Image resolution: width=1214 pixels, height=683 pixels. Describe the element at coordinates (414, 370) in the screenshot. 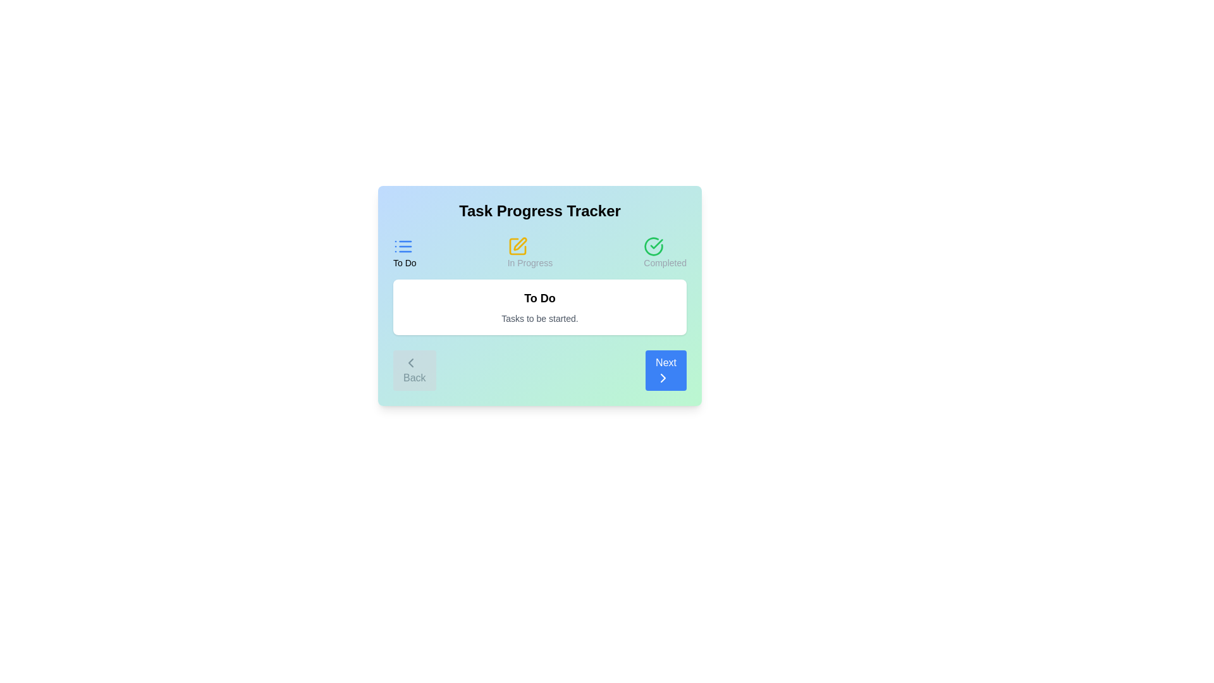

I see `'Back' button to navigate to the previous step` at that location.